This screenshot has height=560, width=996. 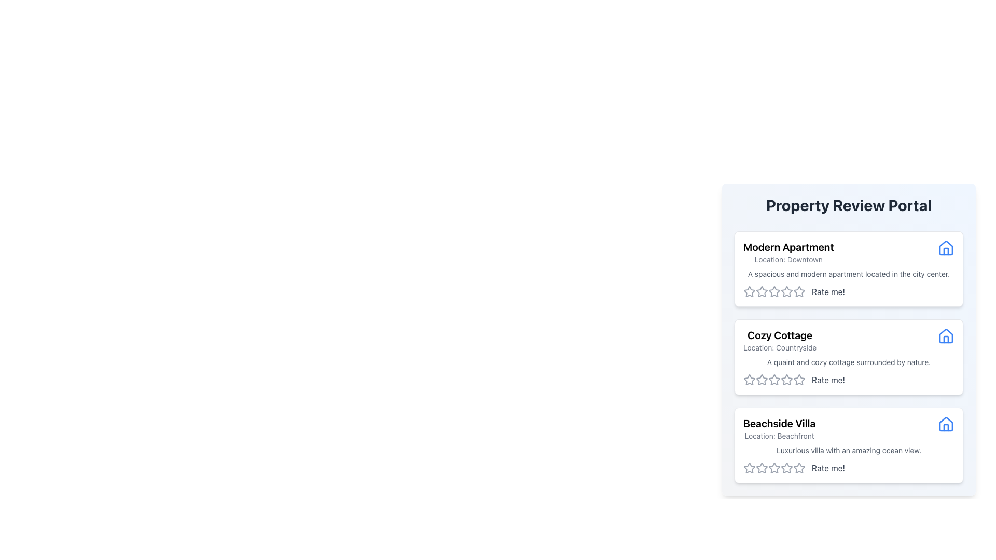 What do you see at coordinates (762, 468) in the screenshot?
I see `the interactive star icon located in the bottommost card under the 'Beachside Villa' listing` at bounding box center [762, 468].